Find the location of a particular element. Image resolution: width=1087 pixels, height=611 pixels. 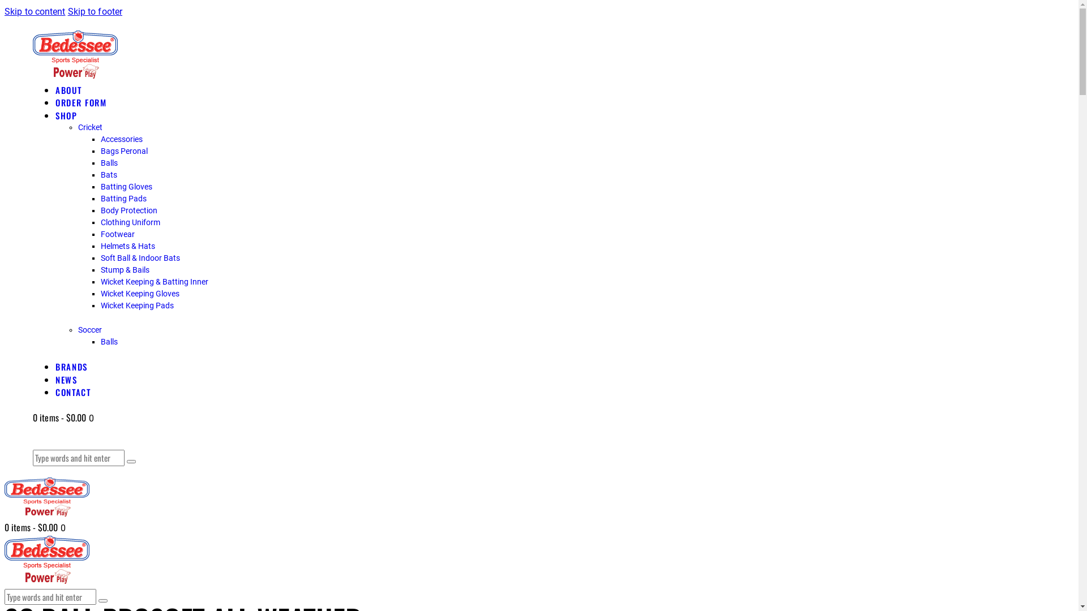

'Bats' is located at coordinates (109, 174).